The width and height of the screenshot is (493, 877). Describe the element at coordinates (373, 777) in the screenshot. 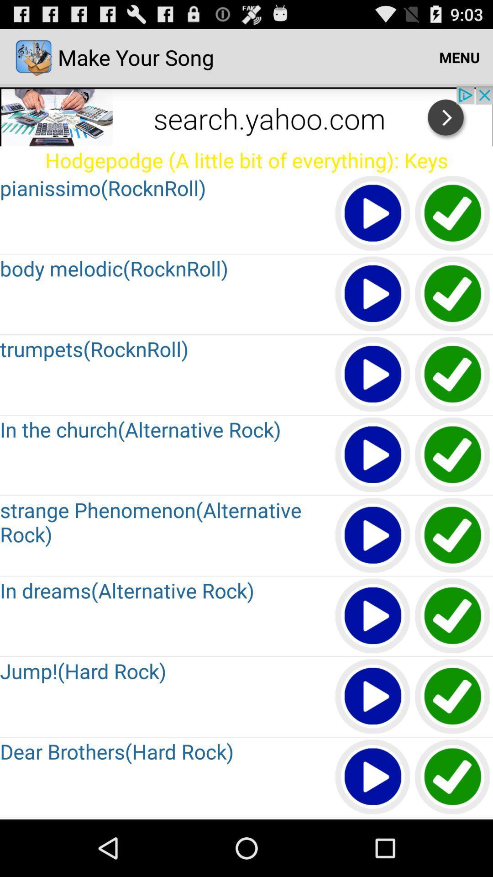

I see `button` at that location.